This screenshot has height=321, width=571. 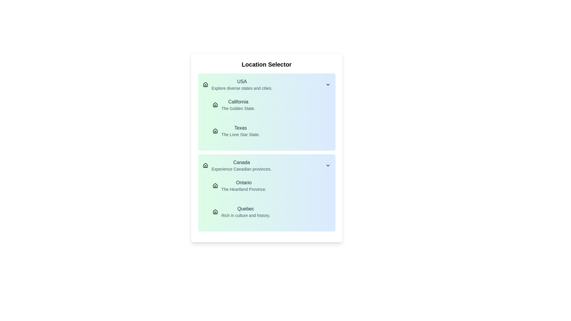 I want to click on the static text label displaying 'Canada', which is a bold, dark gray text in a list of locations, positioned as the first item under the region label 'Canada', so click(x=241, y=163).